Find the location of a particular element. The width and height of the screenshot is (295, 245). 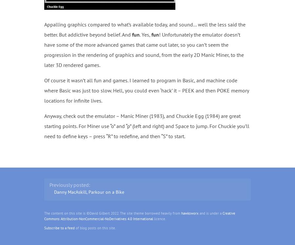

'and is under a' is located at coordinates (198, 213).